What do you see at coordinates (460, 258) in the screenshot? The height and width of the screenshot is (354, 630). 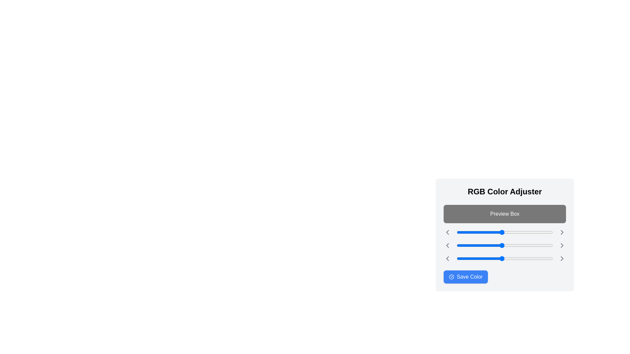 I see `the blue slider to 10` at bounding box center [460, 258].